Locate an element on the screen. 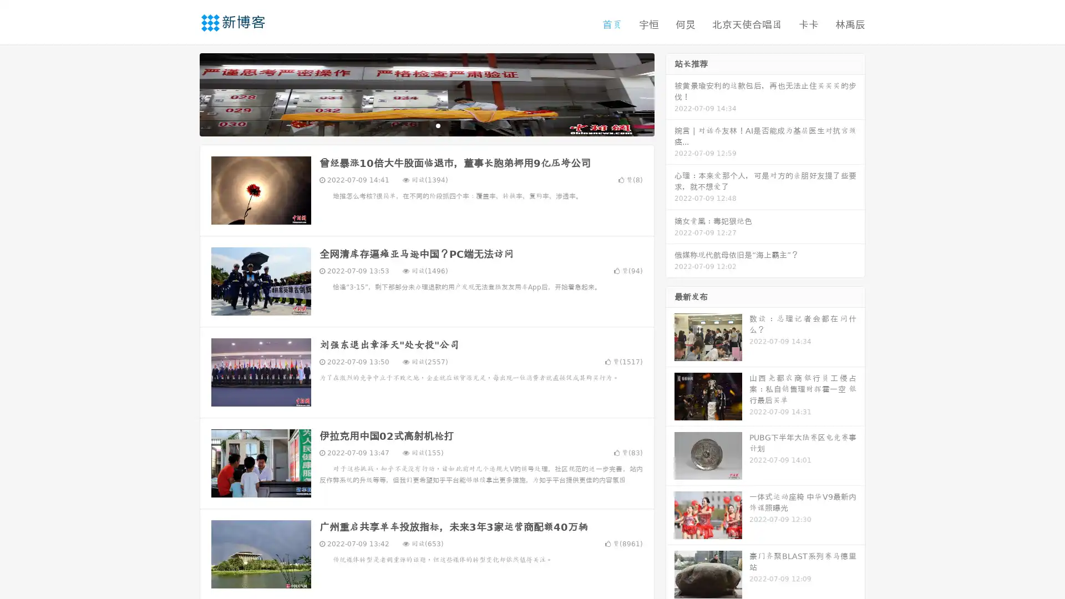  Go to slide 3 is located at coordinates (438, 125).